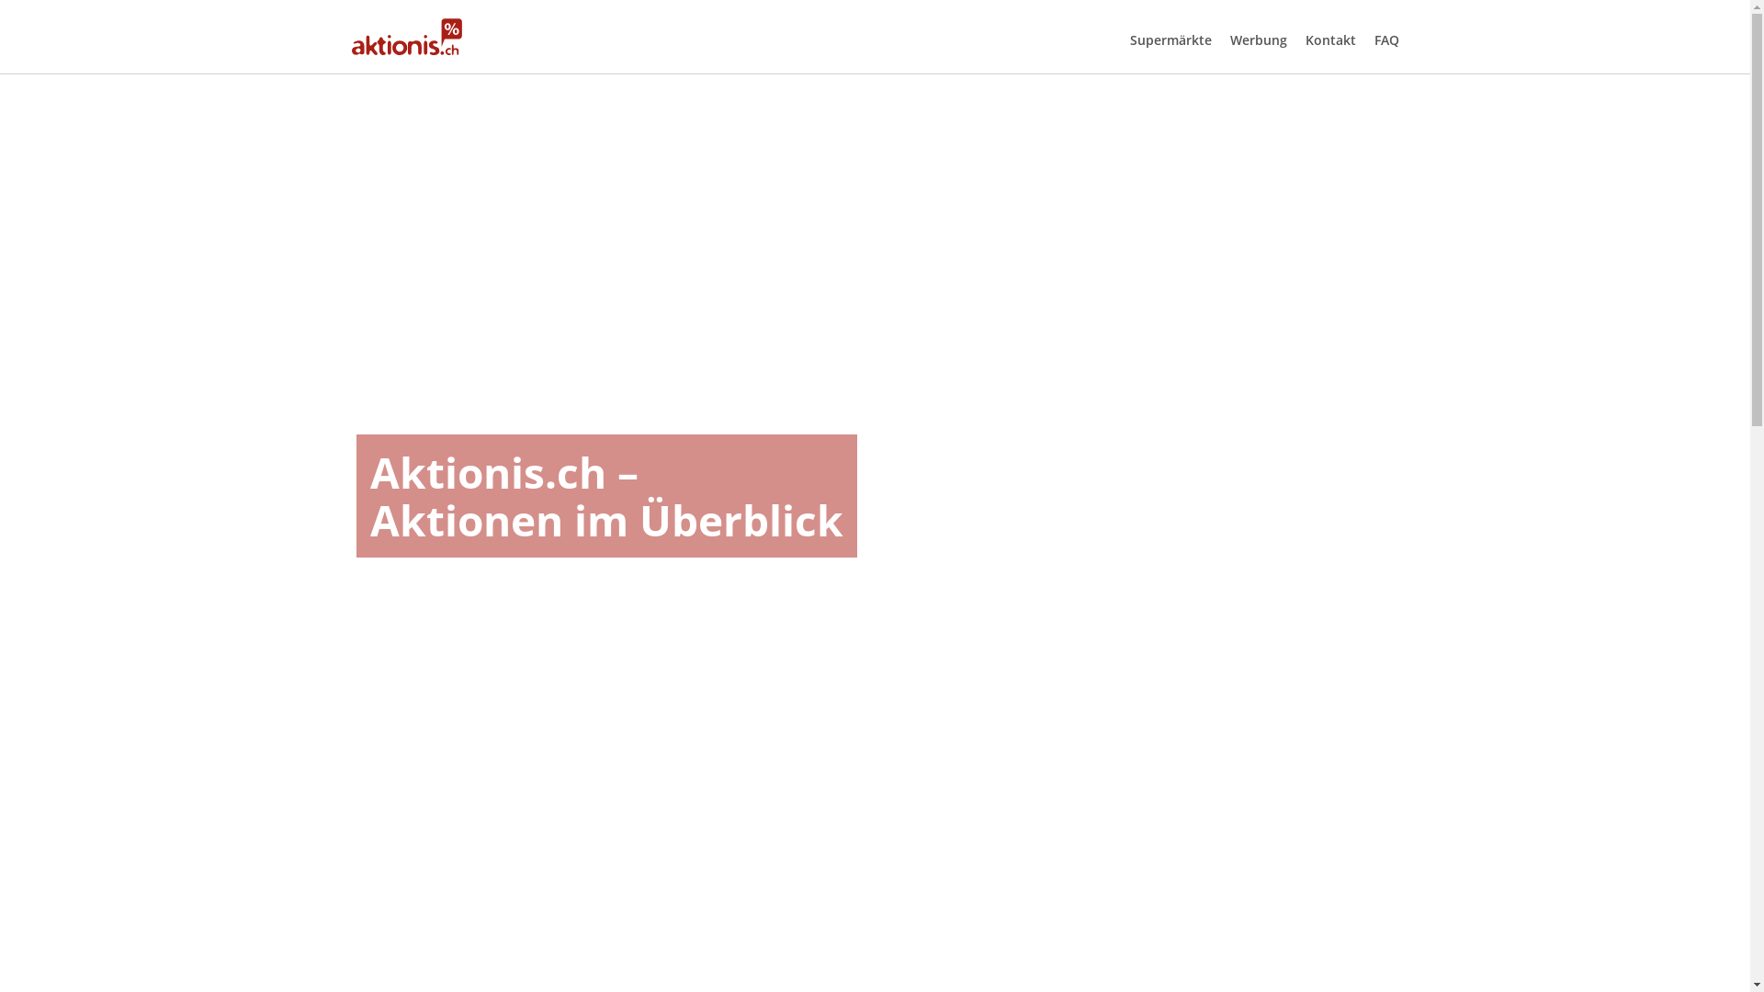 This screenshot has width=1764, height=992. Describe the element at coordinates (405, 36) in the screenshot. I see `'Zur Startseite'` at that location.